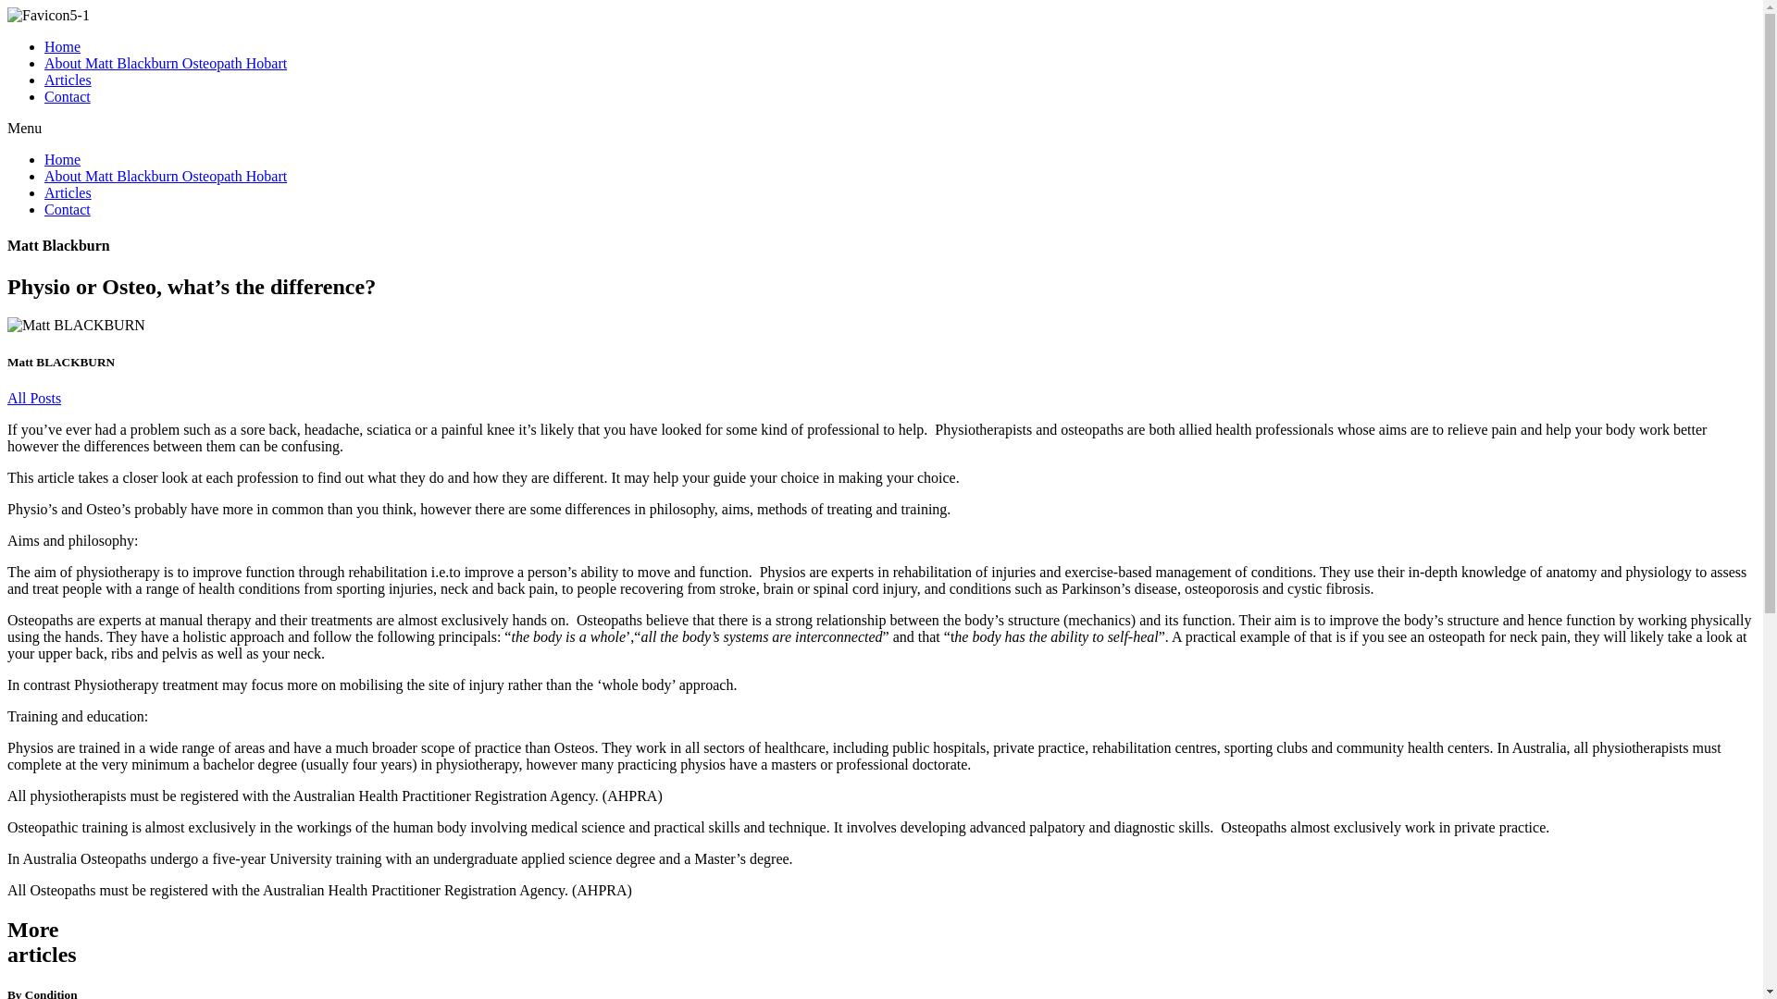  What do you see at coordinates (165, 62) in the screenshot?
I see `'About Matt Blackburn Osteopath Hobart'` at bounding box center [165, 62].